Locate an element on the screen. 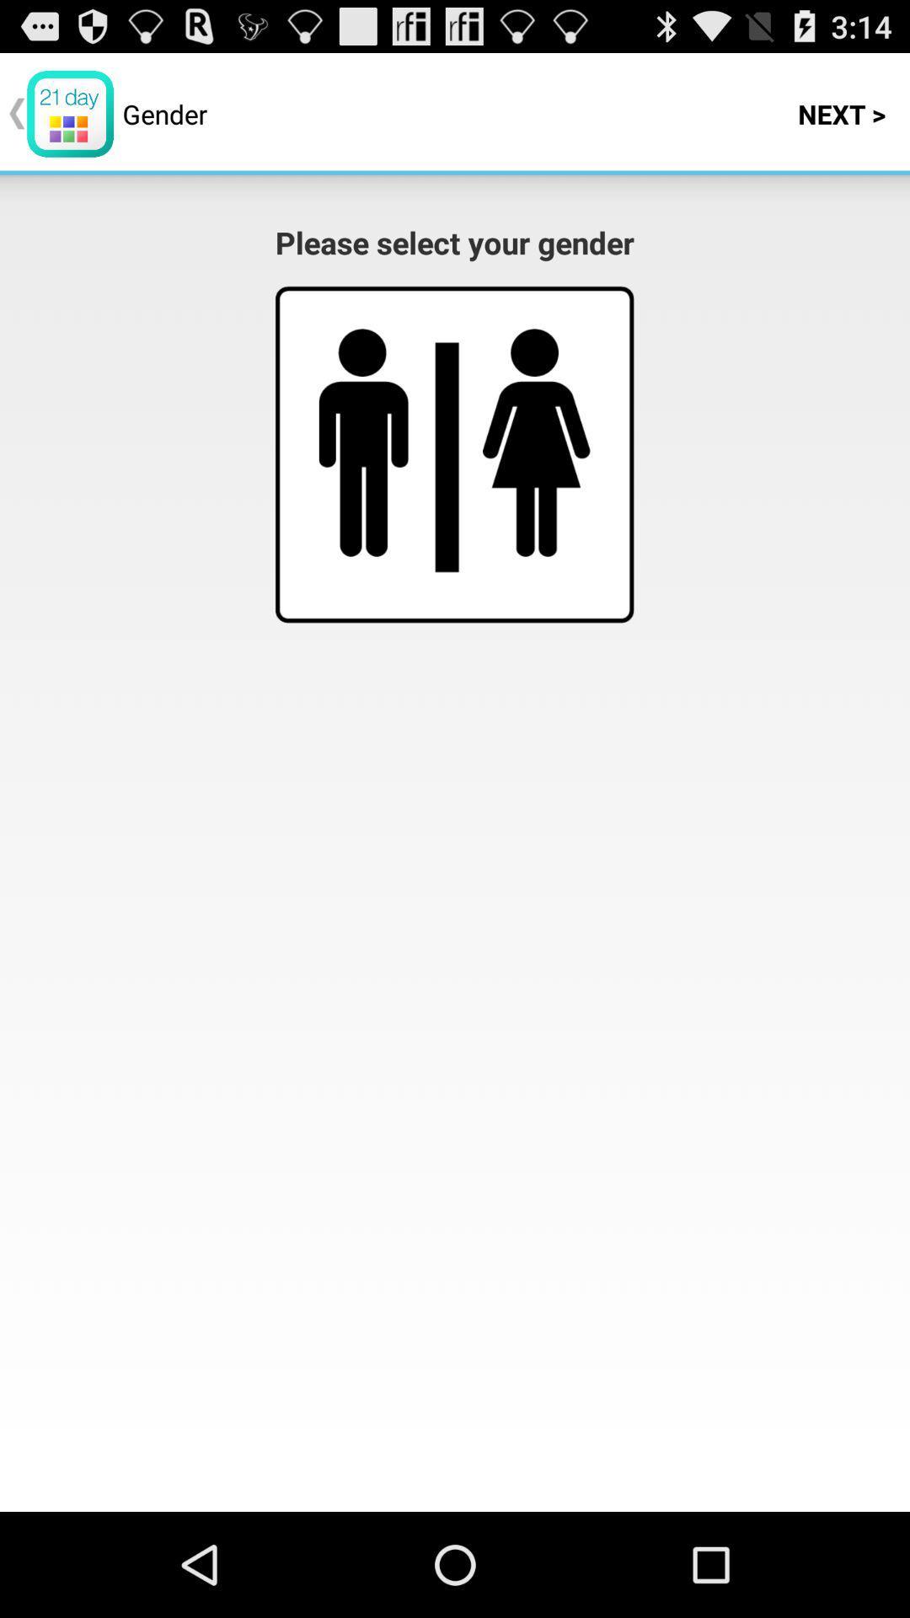 This screenshot has height=1618, width=910. male is located at coordinates (363, 442).